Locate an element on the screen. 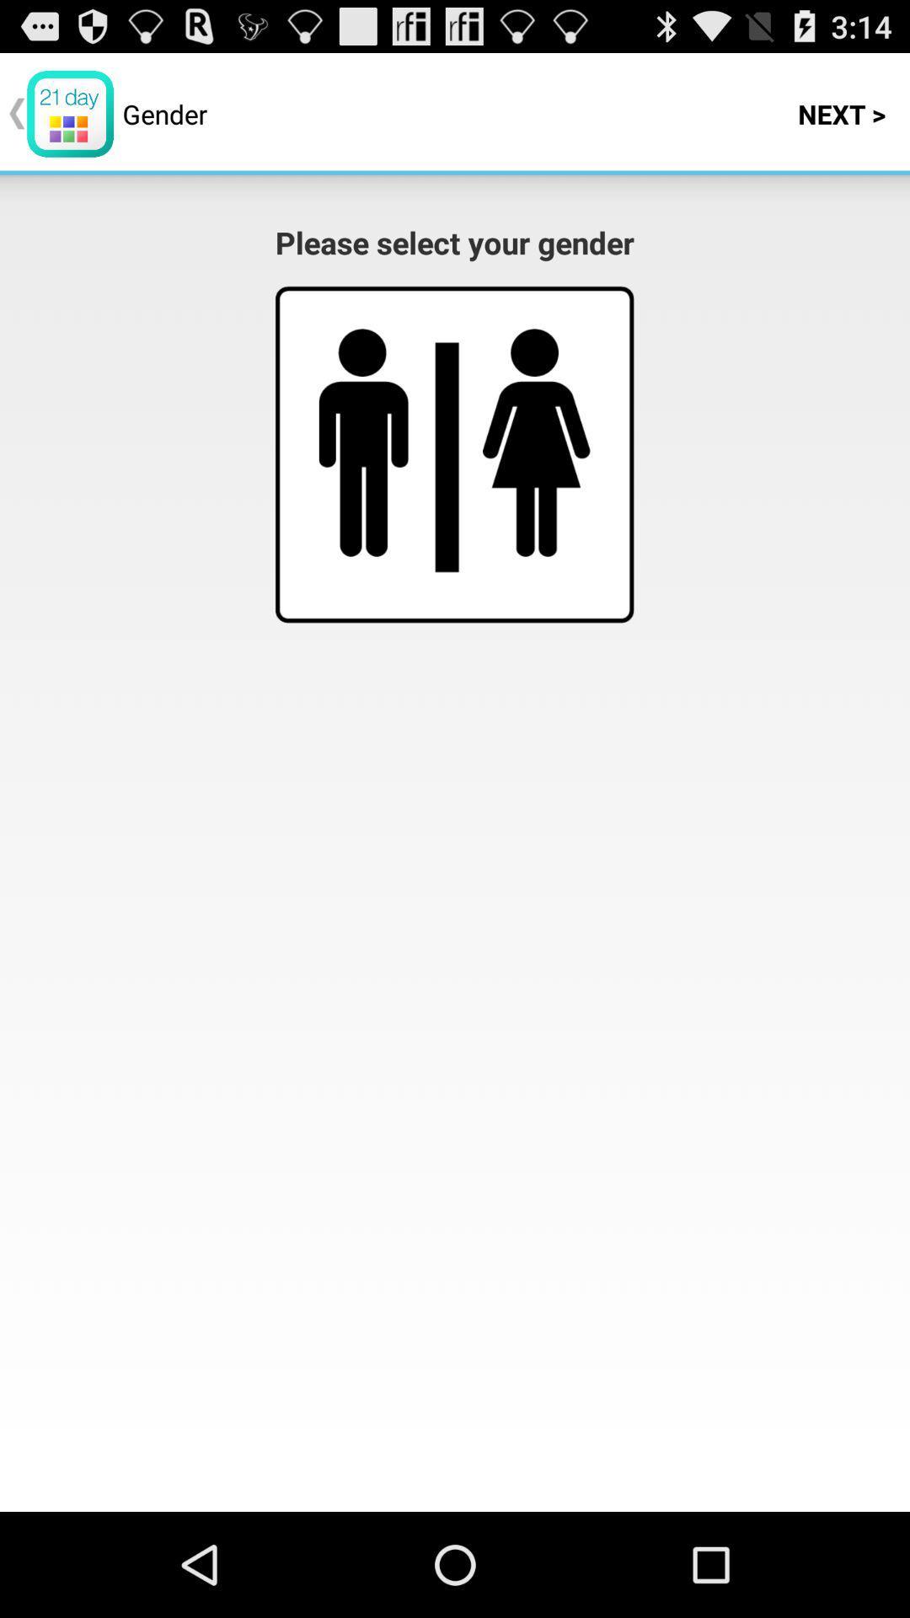 This screenshot has height=1618, width=910. male is located at coordinates (363, 442).